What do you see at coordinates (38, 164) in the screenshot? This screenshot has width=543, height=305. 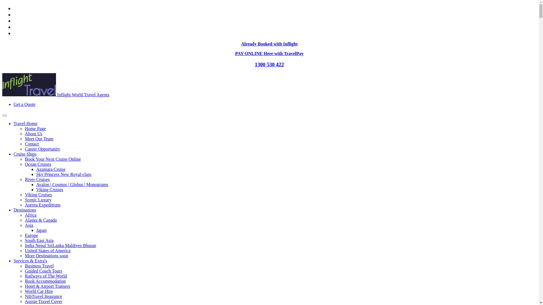 I see `'Ocean Cruises'` at bounding box center [38, 164].